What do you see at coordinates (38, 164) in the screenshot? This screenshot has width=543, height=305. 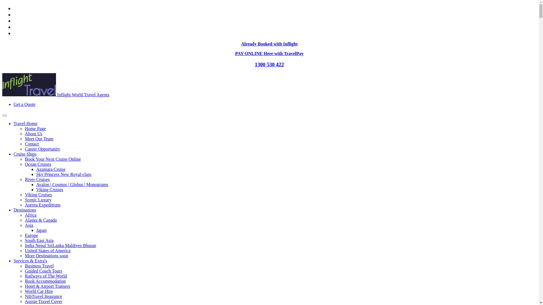 I see `'Ocean Cruises'` at bounding box center [38, 164].